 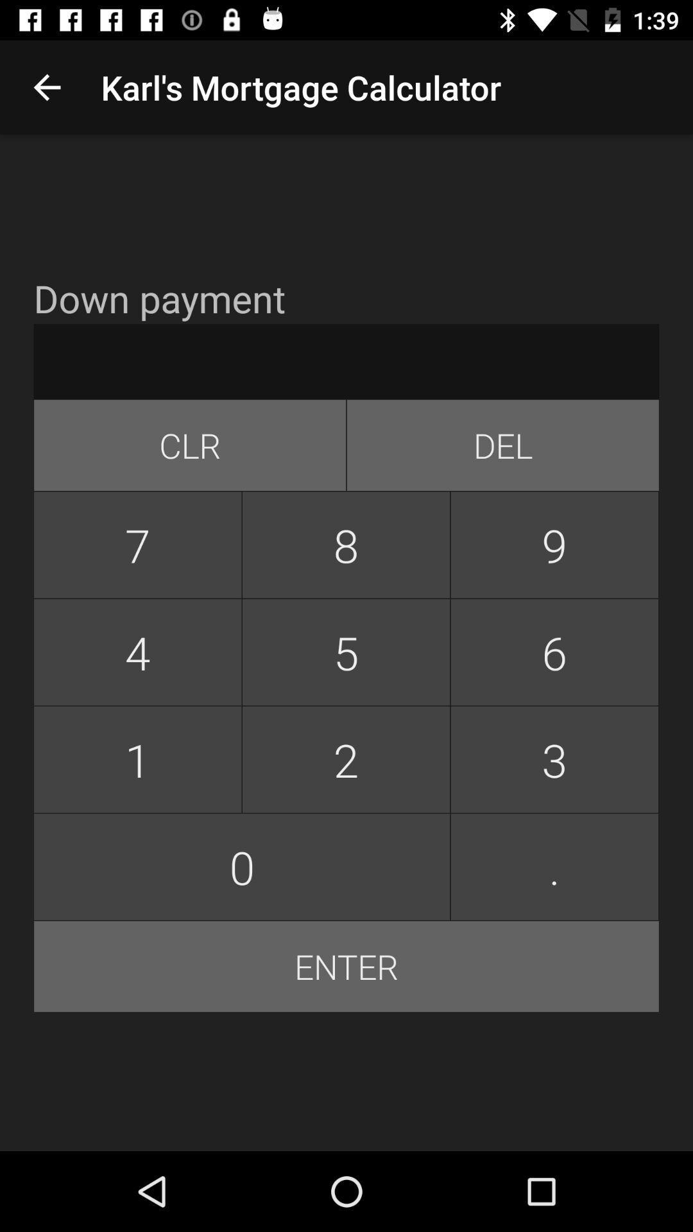 I want to click on item to the left of the 8 button, so click(x=137, y=545).